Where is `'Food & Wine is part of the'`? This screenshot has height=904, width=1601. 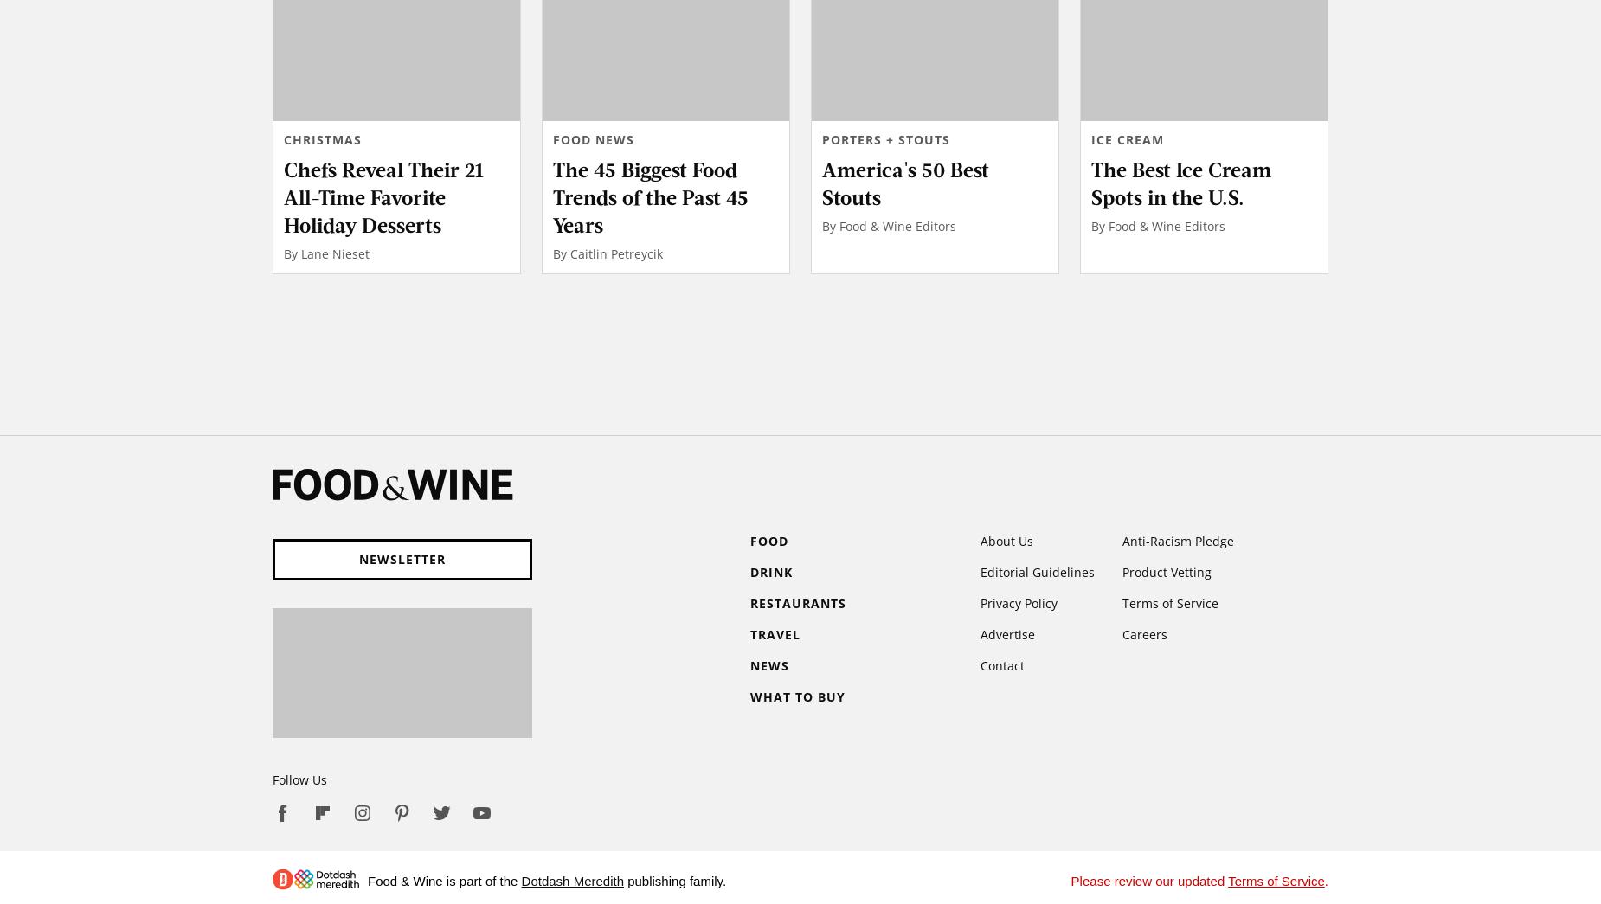
'Food & Wine is part of the' is located at coordinates (444, 880).